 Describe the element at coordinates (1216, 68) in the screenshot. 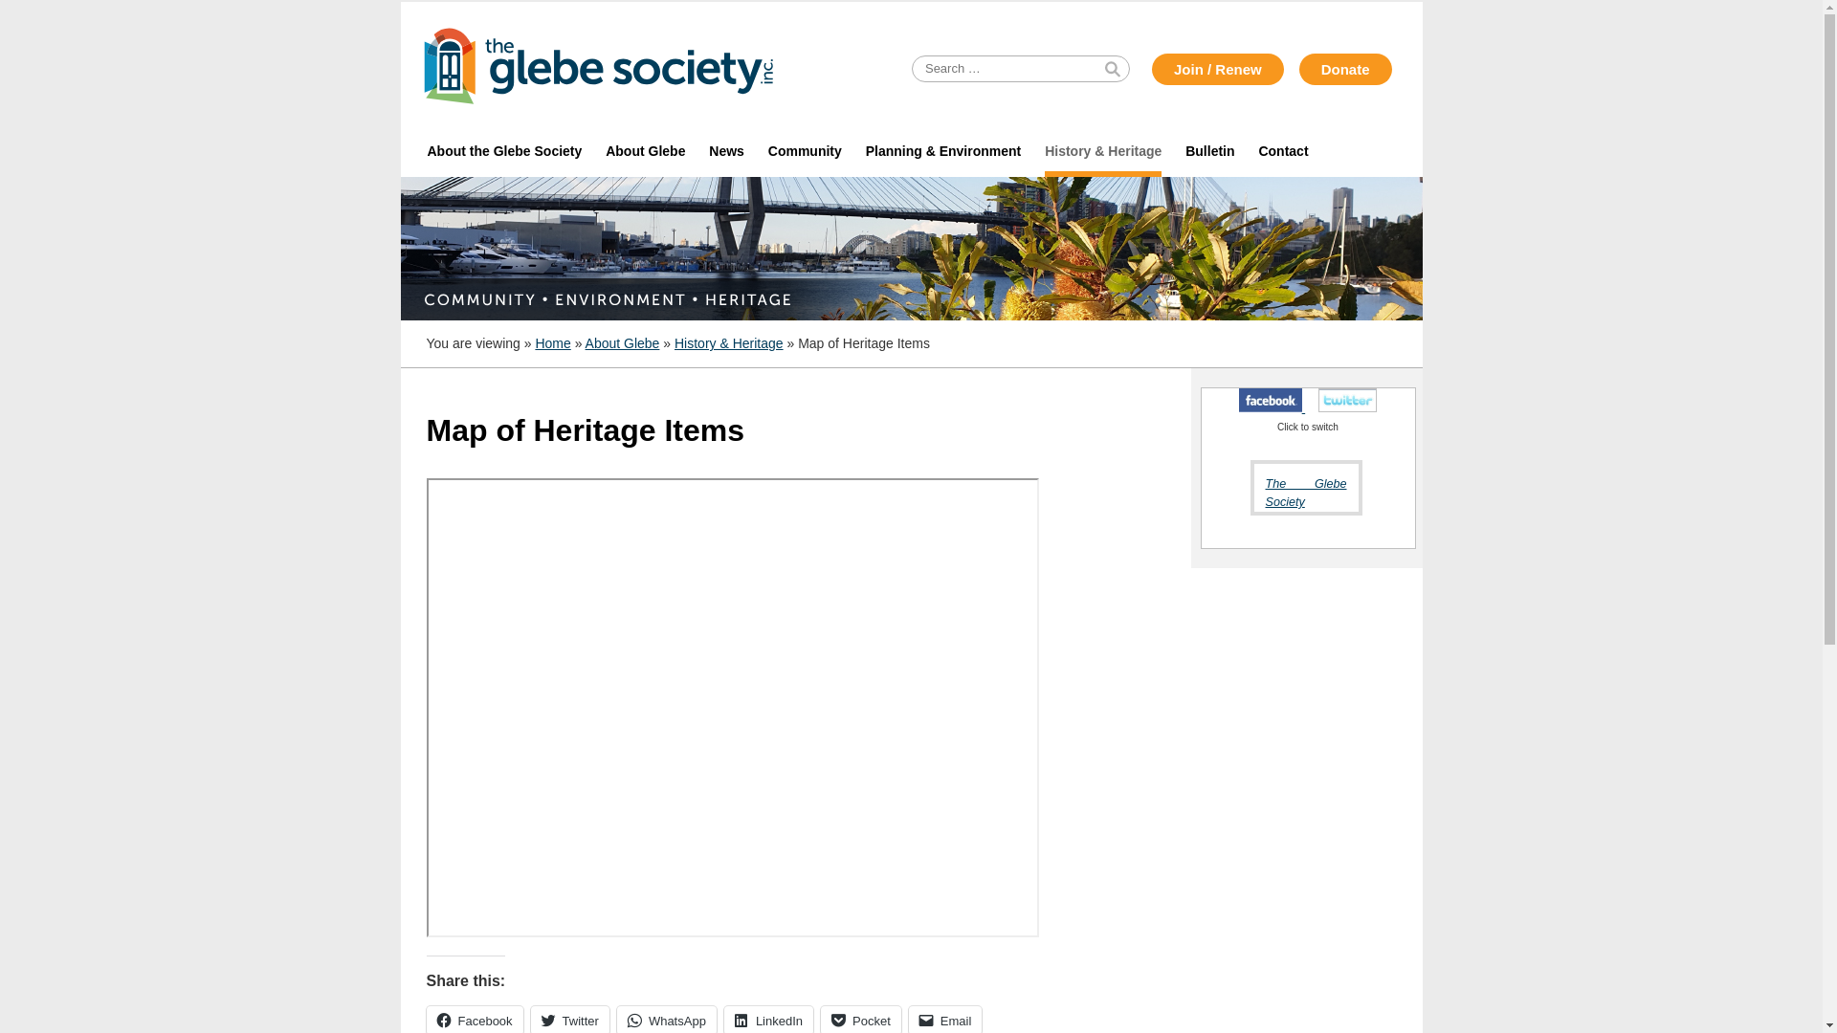

I see `'Join / Renew'` at that location.